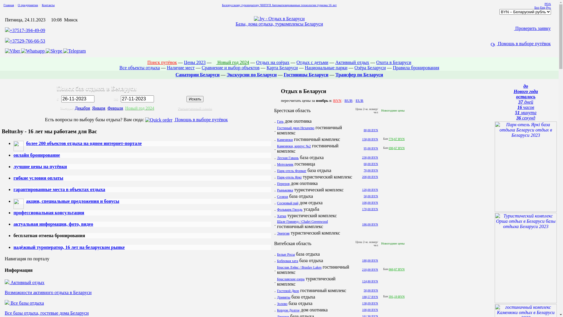  I want to click on '158,00 BYN', so click(370, 139).